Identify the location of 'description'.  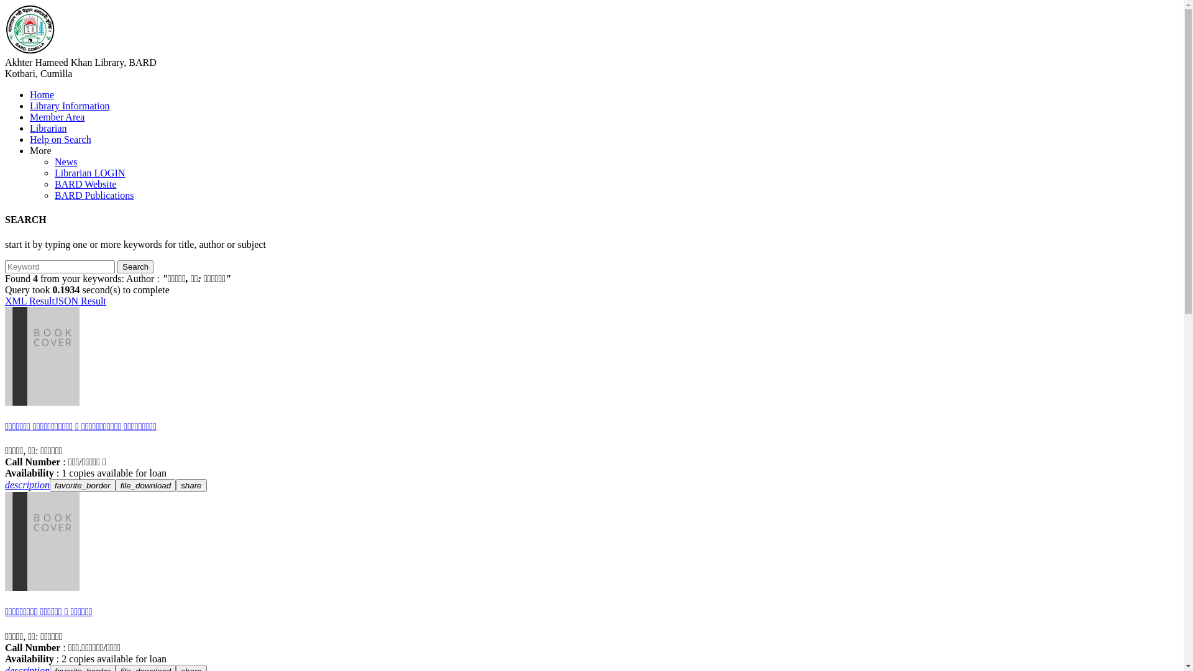
(27, 484).